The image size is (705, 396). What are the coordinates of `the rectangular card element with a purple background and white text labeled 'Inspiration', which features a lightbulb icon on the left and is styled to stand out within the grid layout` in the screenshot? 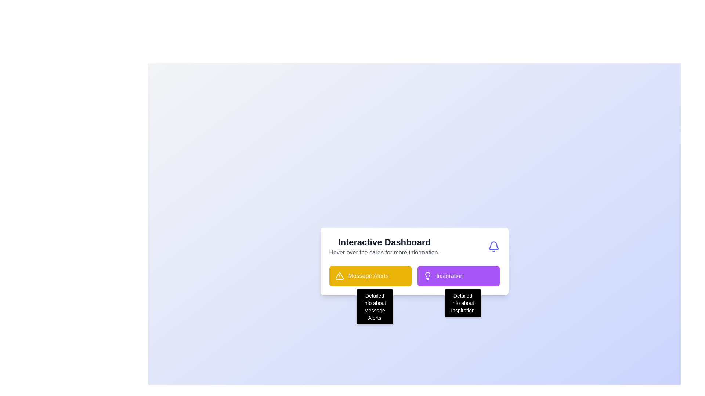 It's located at (458, 276).